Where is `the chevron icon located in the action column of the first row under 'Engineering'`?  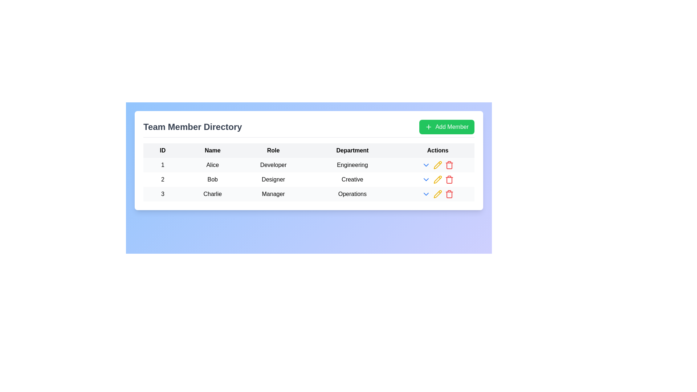
the chevron icon located in the action column of the first row under 'Engineering' is located at coordinates (426, 165).